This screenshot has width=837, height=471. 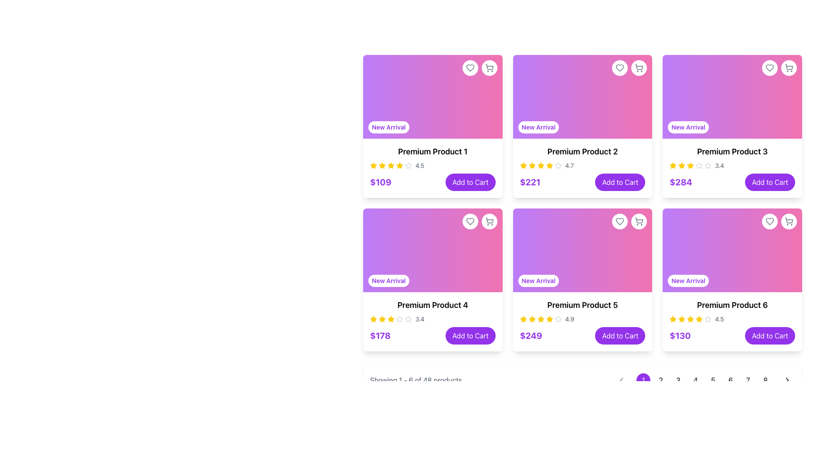 What do you see at coordinates (530, 181) in the screenshot?
I see `the text label displaying the price '$221' to trigger any available tooltip` at bounding box center [530, 181].